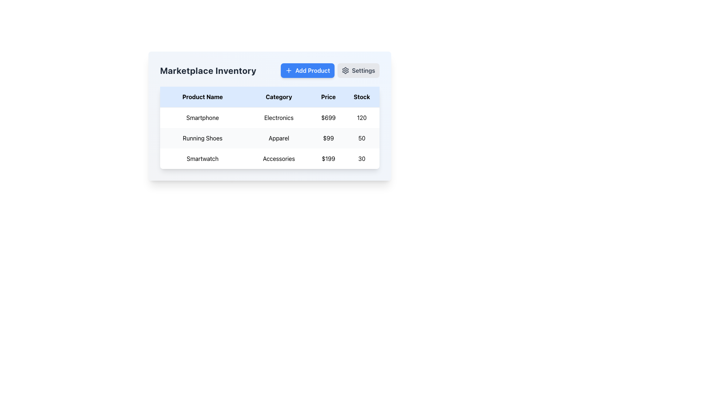 This screenshot has height=395, width=702. What do you see at coordinates (362, 117) in the screenshot?
I see `the text label that displays the stock quantity for the 'Smartphone' product in the inventory table, located in the 'Stock' column` at bounding box center [362, 117].